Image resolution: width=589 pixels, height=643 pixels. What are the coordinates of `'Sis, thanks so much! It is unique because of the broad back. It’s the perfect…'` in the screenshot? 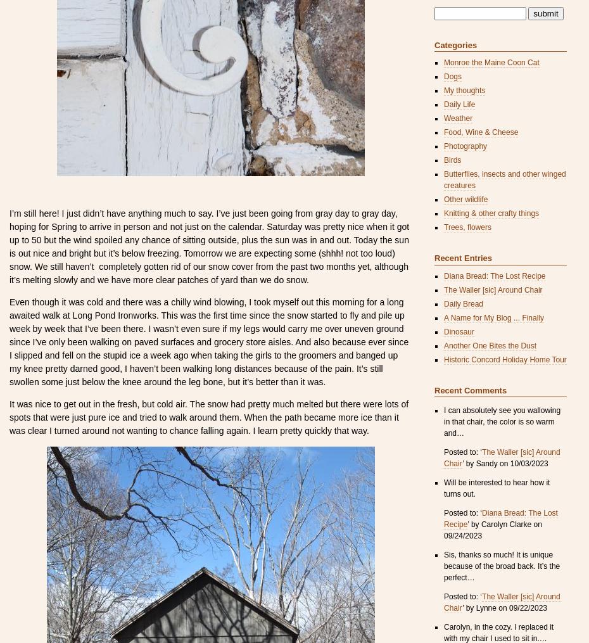 It's located at (501, 566).